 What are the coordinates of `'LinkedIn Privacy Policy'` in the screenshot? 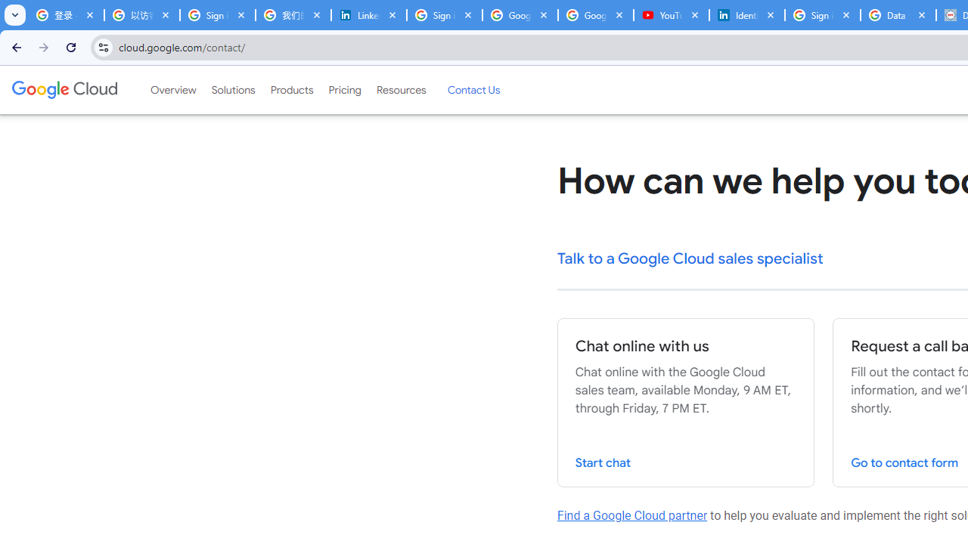 It's located at (368, 15).